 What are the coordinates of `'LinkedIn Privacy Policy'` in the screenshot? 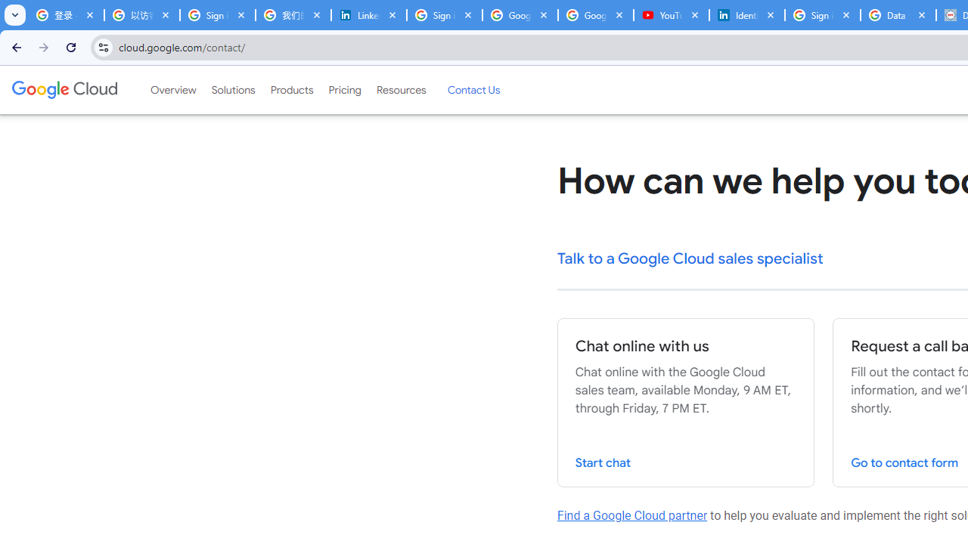 It's located at (368, 15).